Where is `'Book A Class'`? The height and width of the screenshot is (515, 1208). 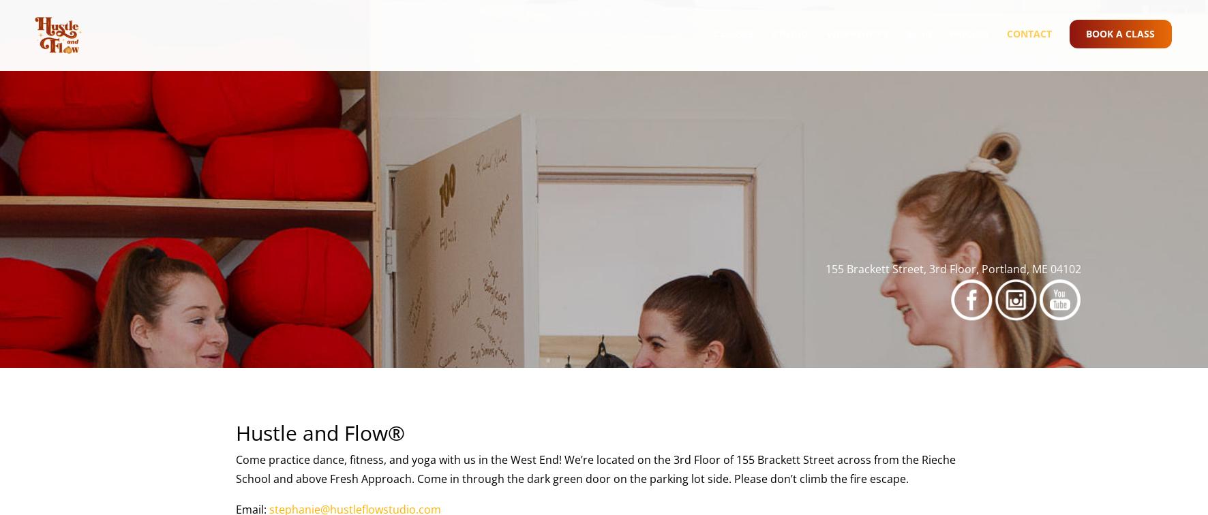 'Book A Class' is located at coordinates (1119, 46).